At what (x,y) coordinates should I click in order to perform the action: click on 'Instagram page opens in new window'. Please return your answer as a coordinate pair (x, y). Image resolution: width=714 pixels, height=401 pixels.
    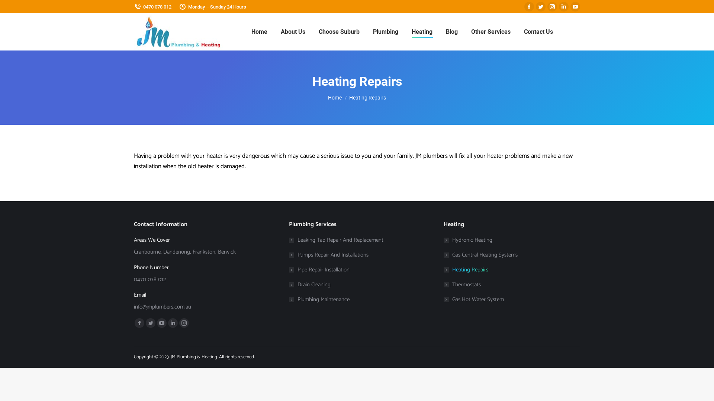
    Looking at the image, I should click on (552, 7).